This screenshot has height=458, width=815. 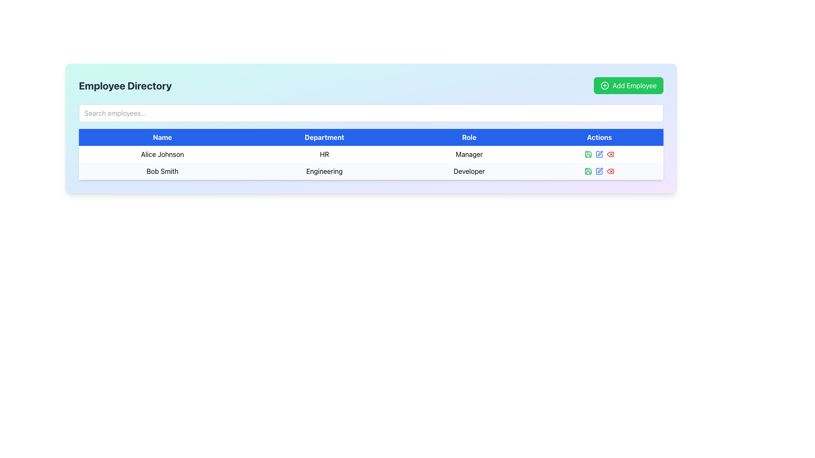 I want to click on the text label displaying 'HR' that is located in the 'Department' column corresponding to 'Alice Johnson', so click(x=324, y=154).